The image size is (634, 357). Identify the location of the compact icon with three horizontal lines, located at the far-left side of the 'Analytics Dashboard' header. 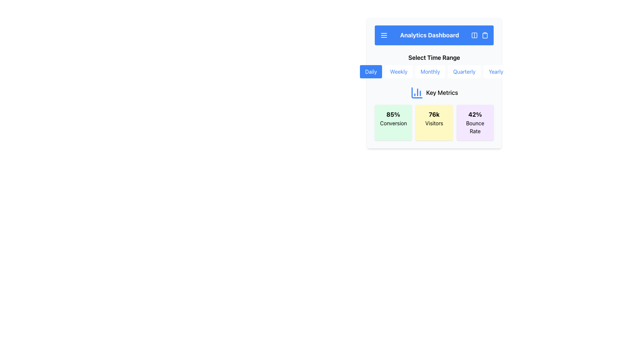
(384, 35).